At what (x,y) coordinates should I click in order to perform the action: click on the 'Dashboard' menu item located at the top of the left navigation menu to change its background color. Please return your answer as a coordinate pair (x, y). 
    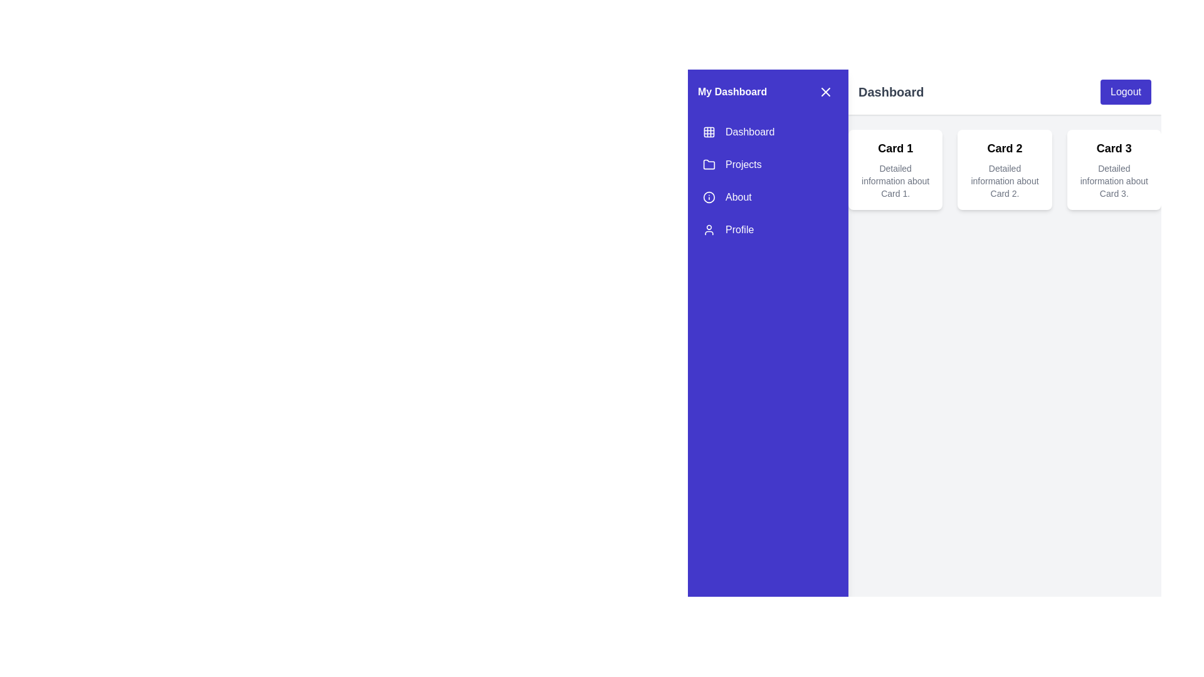
    Looking at the image, I should click on (767, 132).